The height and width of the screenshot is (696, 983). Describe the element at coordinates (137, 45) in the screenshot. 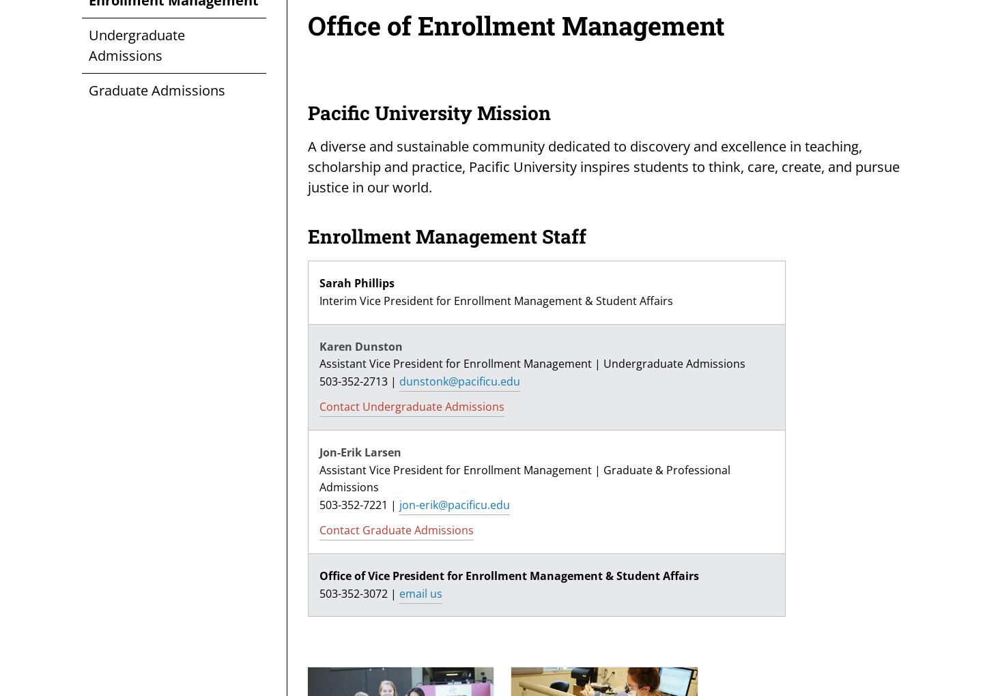

I see `'Undergraduate Admissions'` at that location.